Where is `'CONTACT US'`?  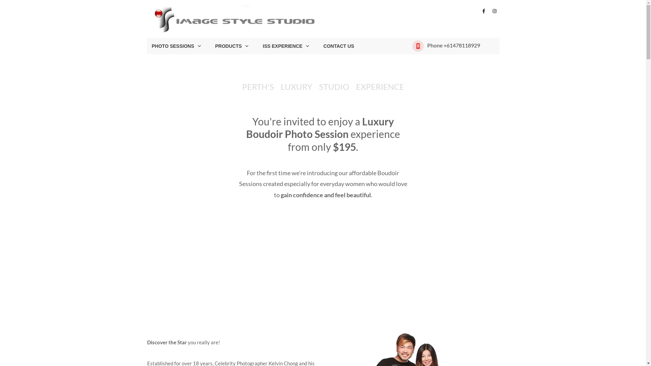
'CONTACT US' is located at coordinates (339, 46).